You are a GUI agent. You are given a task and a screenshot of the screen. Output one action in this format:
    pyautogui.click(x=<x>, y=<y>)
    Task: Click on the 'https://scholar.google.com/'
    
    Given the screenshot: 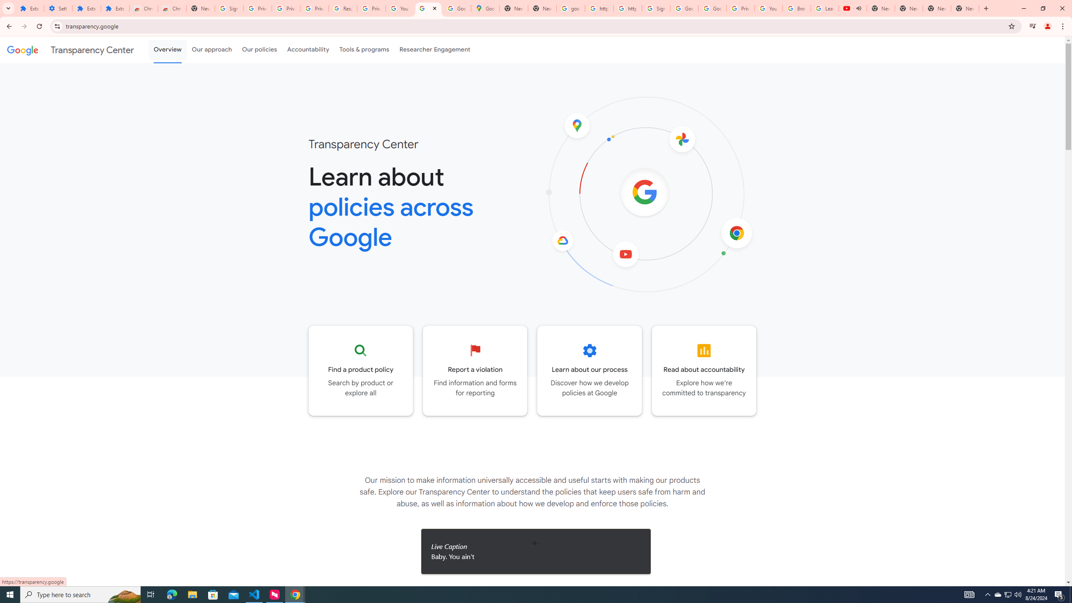 What is the action you would take?
    pyautogui.click(x=627, y=8)
    